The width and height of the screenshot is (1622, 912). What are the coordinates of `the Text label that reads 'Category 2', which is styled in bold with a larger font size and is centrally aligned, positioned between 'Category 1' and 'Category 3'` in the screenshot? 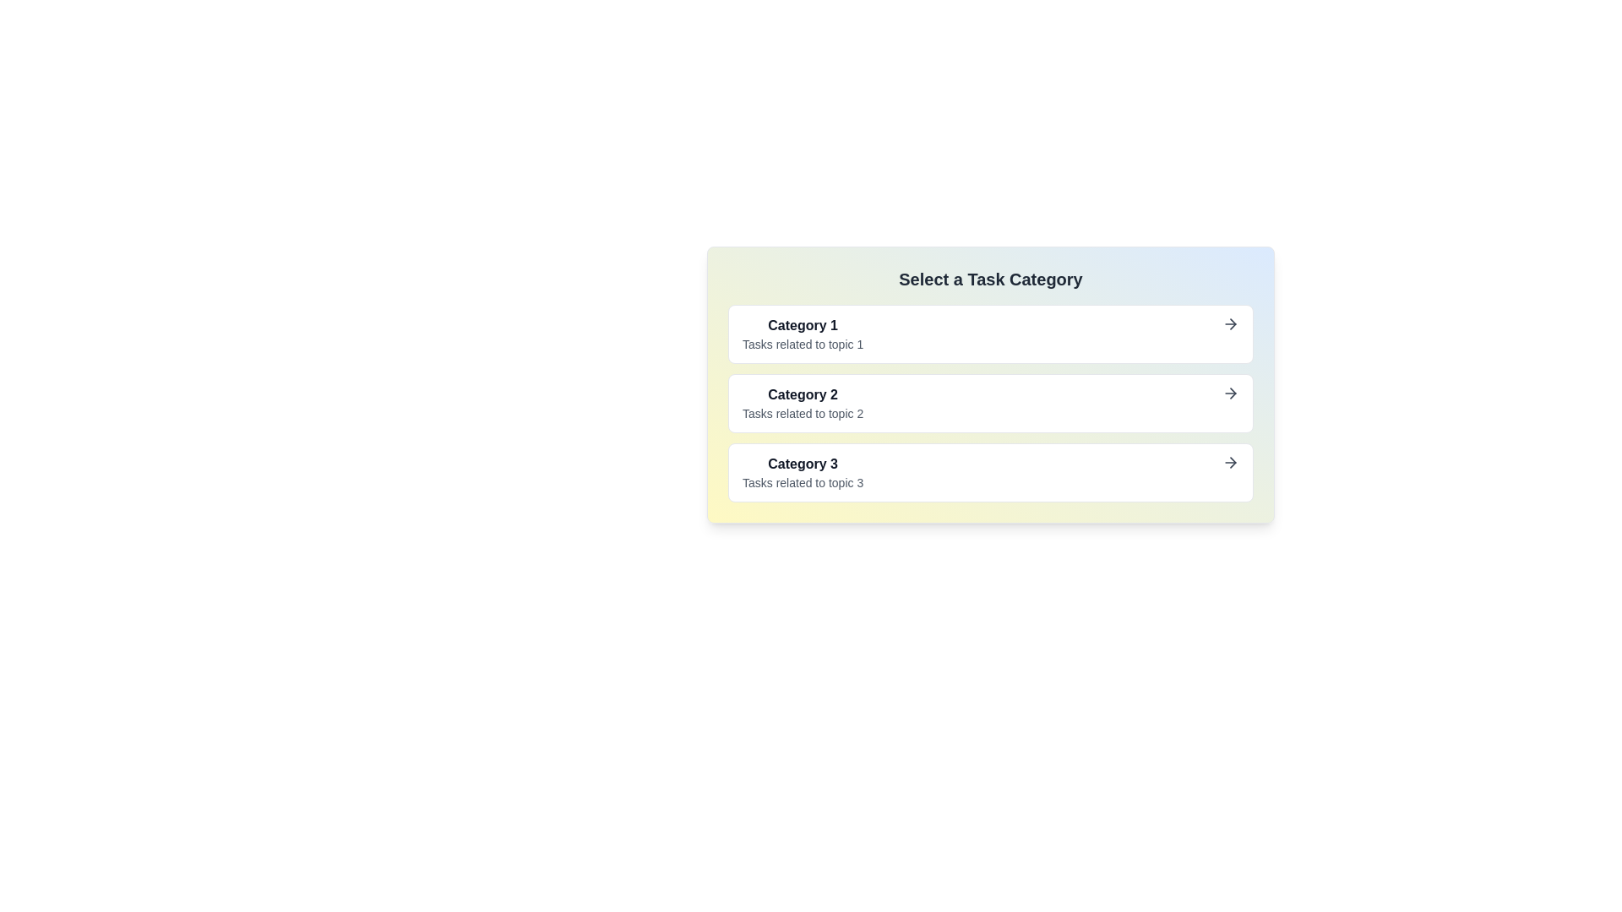 It's located at (802, 404).